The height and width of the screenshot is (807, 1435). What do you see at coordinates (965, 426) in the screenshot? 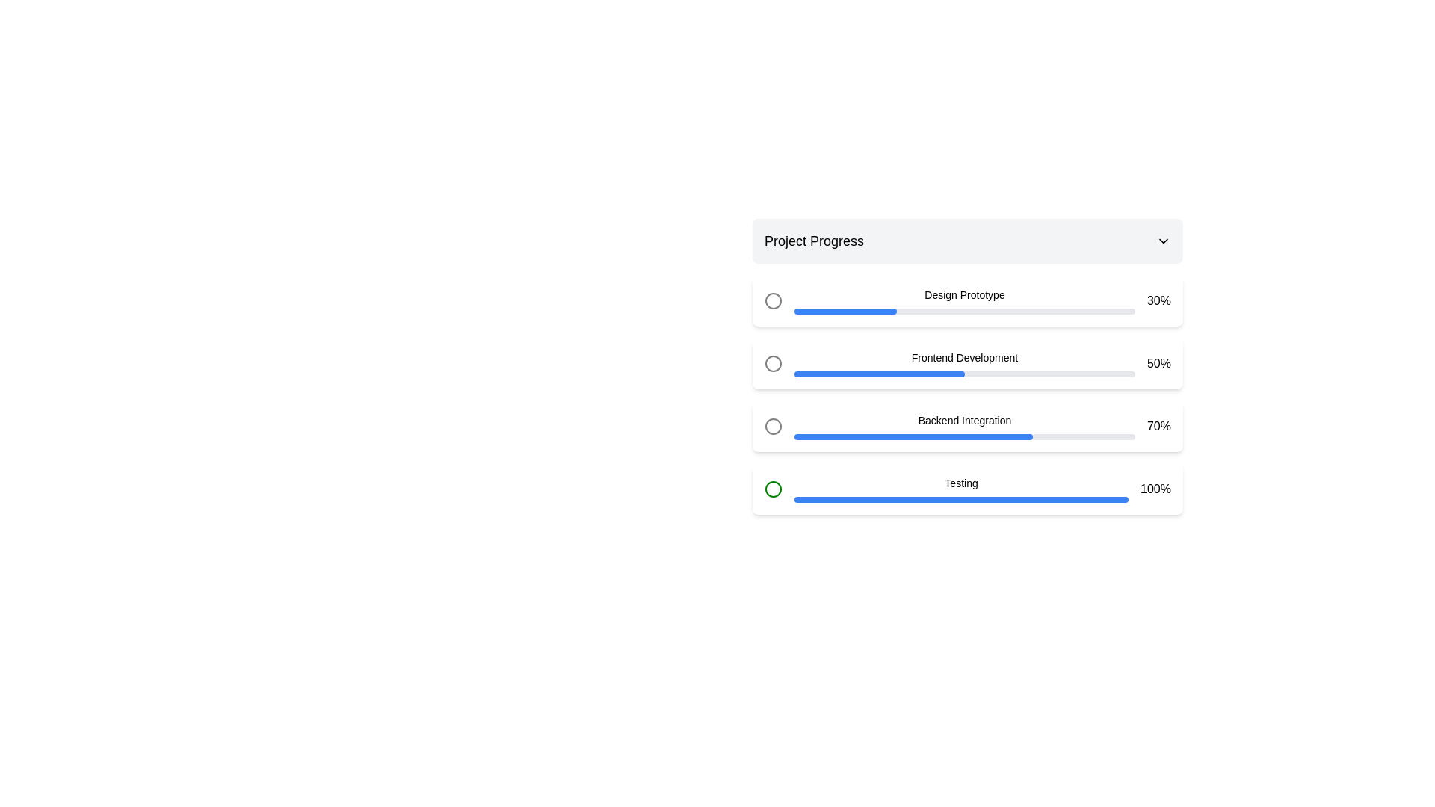
I see `the text label indicating 'Backend Integration' which describes the progress bar below it in the 'Project Progress' section` at bounding box center [965, 426].